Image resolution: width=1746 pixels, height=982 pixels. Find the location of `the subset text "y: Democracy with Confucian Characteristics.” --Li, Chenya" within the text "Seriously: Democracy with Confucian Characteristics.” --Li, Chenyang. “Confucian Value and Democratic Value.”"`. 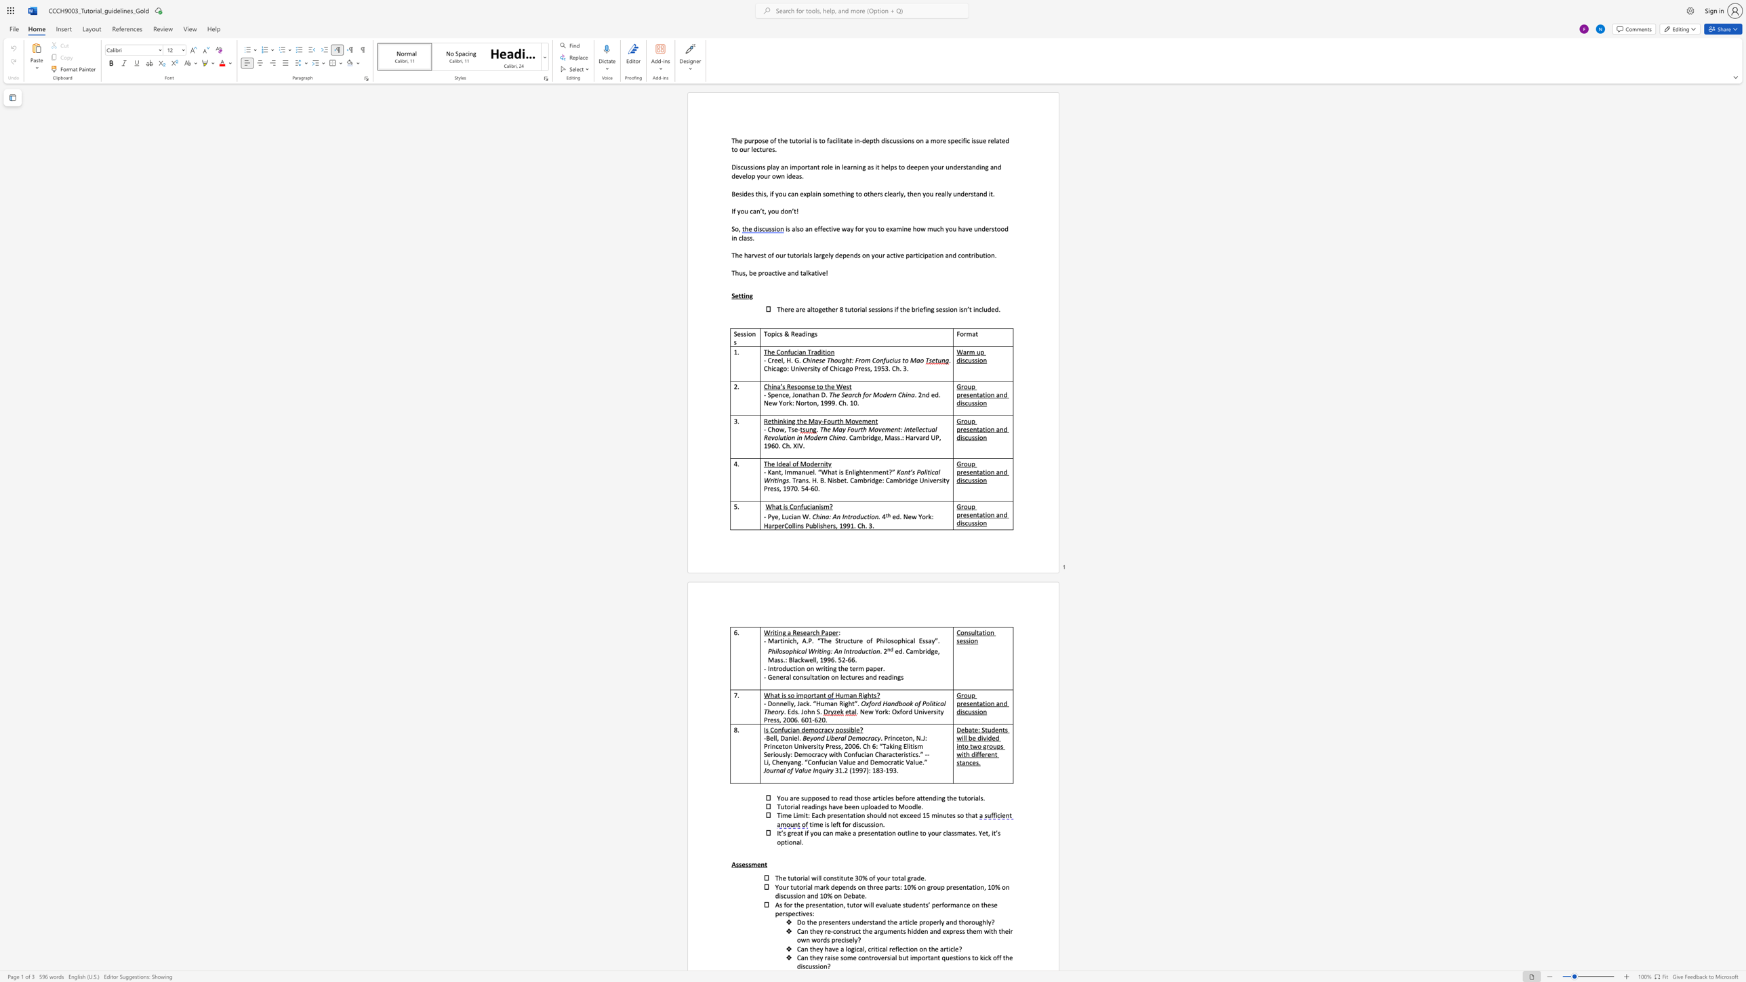

the subset text "y: Democracy with Confucian Characteristics.” --Li, Chenya" within the text "Seriously: Democracy with Confucian Characteristics.” --Li, Chenyang. “Confucian Value and Democratic Value.”" is located at coordinates (786, 754).